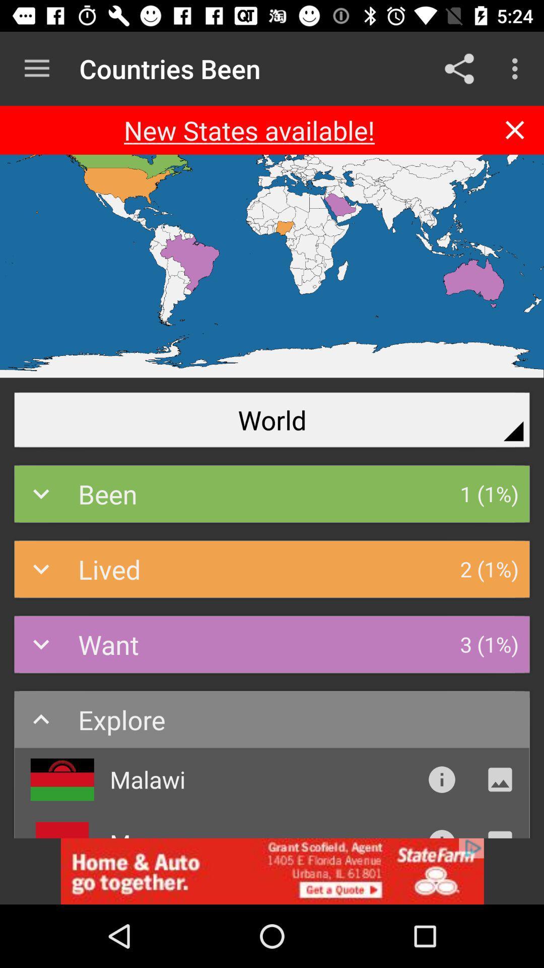 The image size is (544, 968). I want to click on instruction, so click(441, 779).